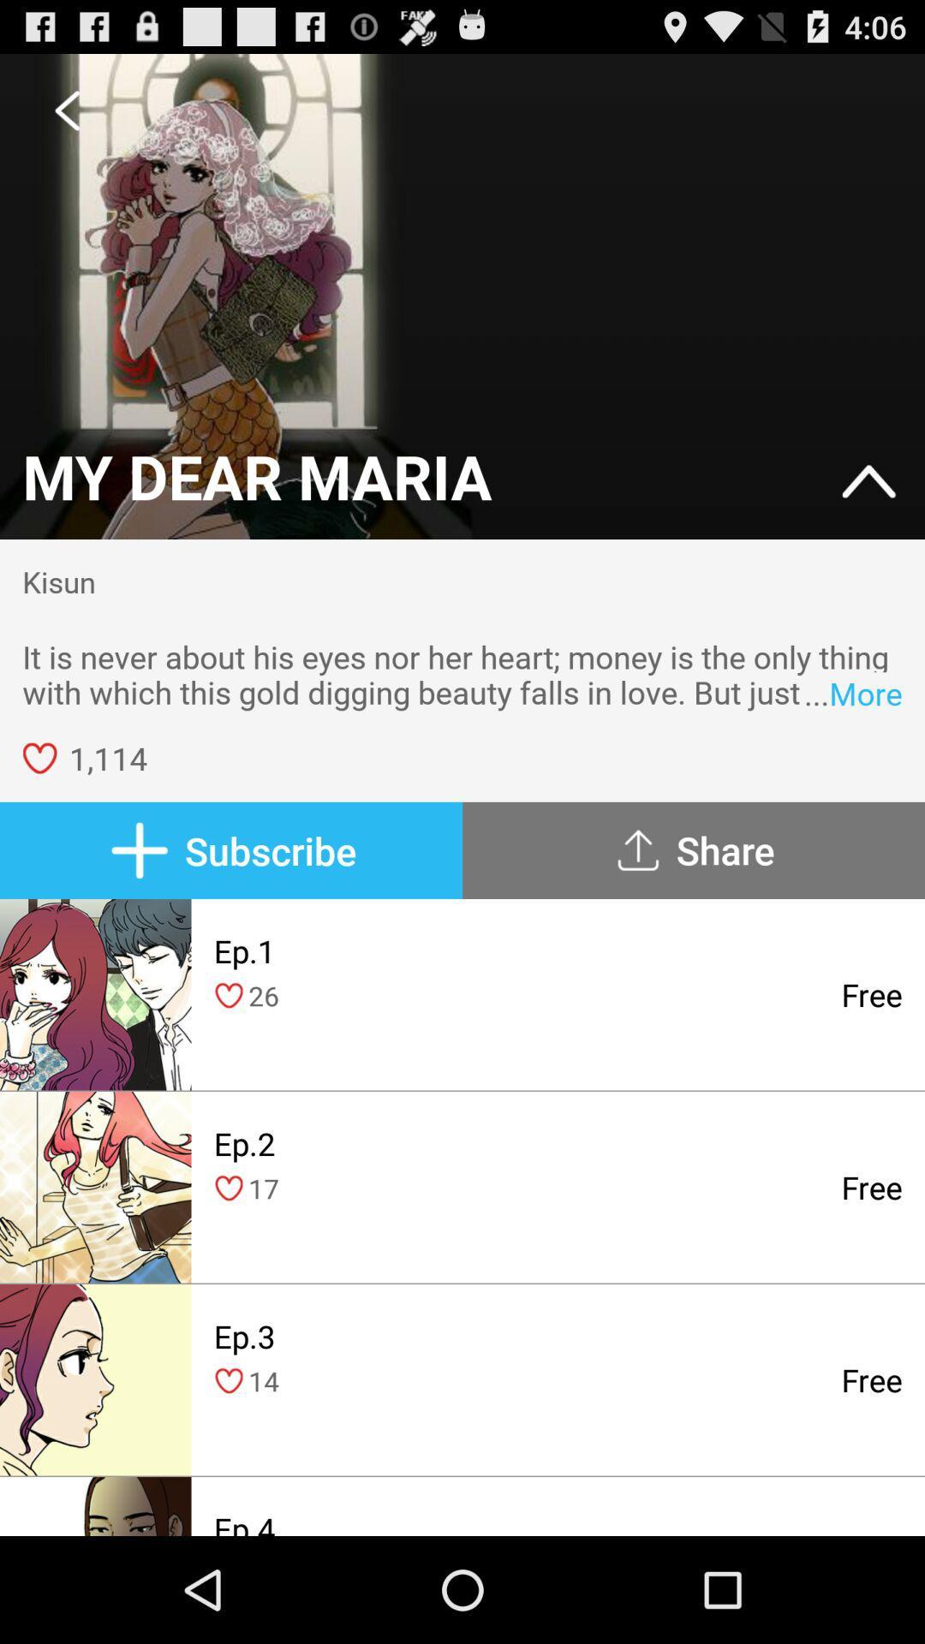 The width and height of the screenshot is (925, 1644). What do you see at coordinates (694, 850) in the screenshot?
I see `share next to subscribe above free` at bounding box center [694, 850].